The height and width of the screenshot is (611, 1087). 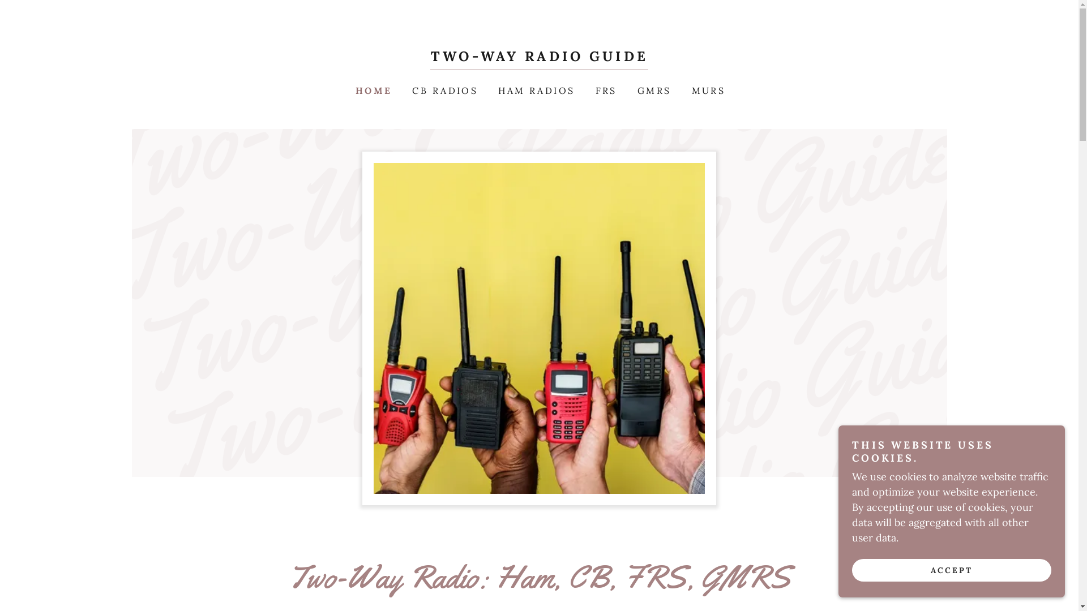 What do you see at coordinates (538, 57) in the screenshot?
I see `'TWO-WAY RADIO GUIDE'` at bounding box center [538, 57].